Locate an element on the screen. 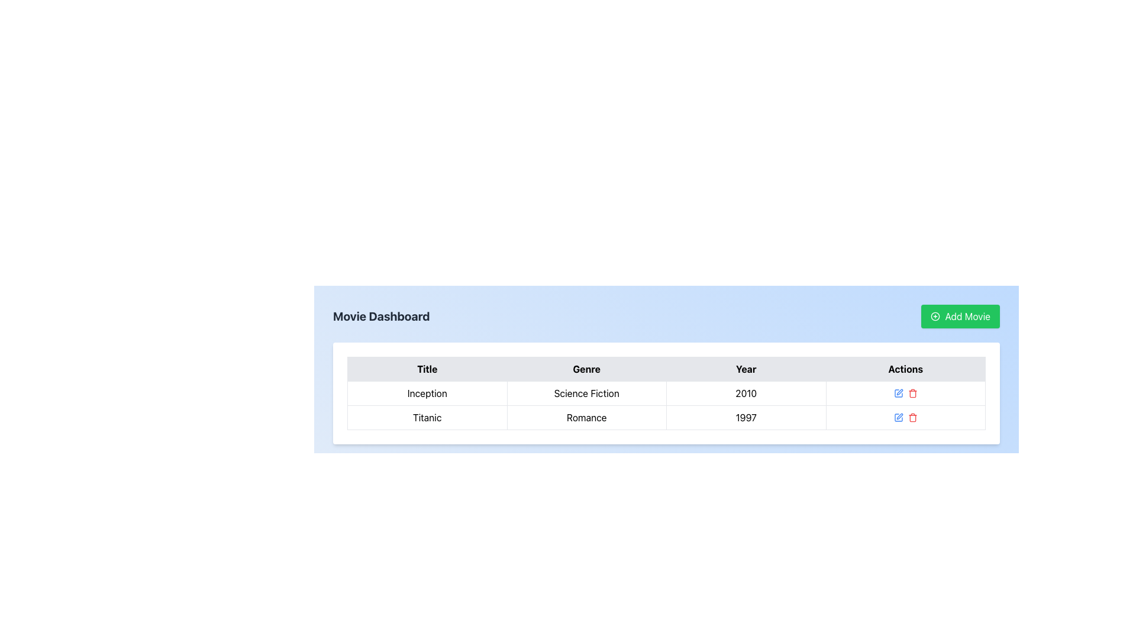 The width and height of the screenshot is (1136, 639). the green rectangular 'Add Movie' button with a circular plus icon is located at coordinates (960, 316).